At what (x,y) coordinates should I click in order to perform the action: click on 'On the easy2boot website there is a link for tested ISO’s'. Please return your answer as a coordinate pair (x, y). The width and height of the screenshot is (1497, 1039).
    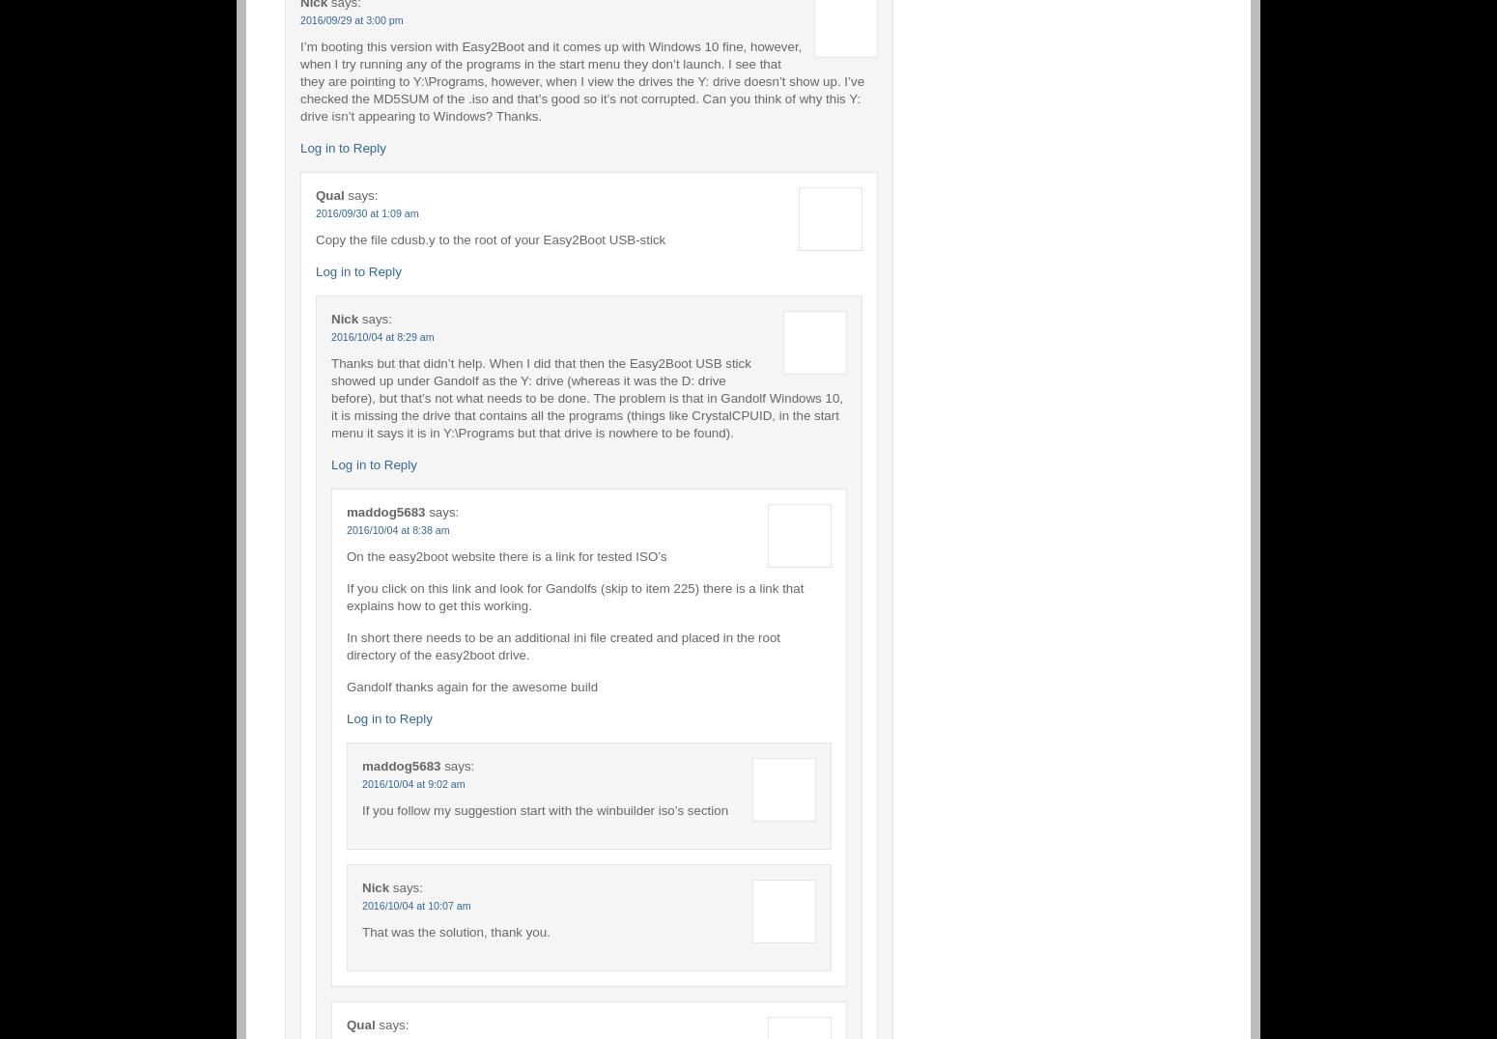
    Looking at the image, I should click on (505, 554).